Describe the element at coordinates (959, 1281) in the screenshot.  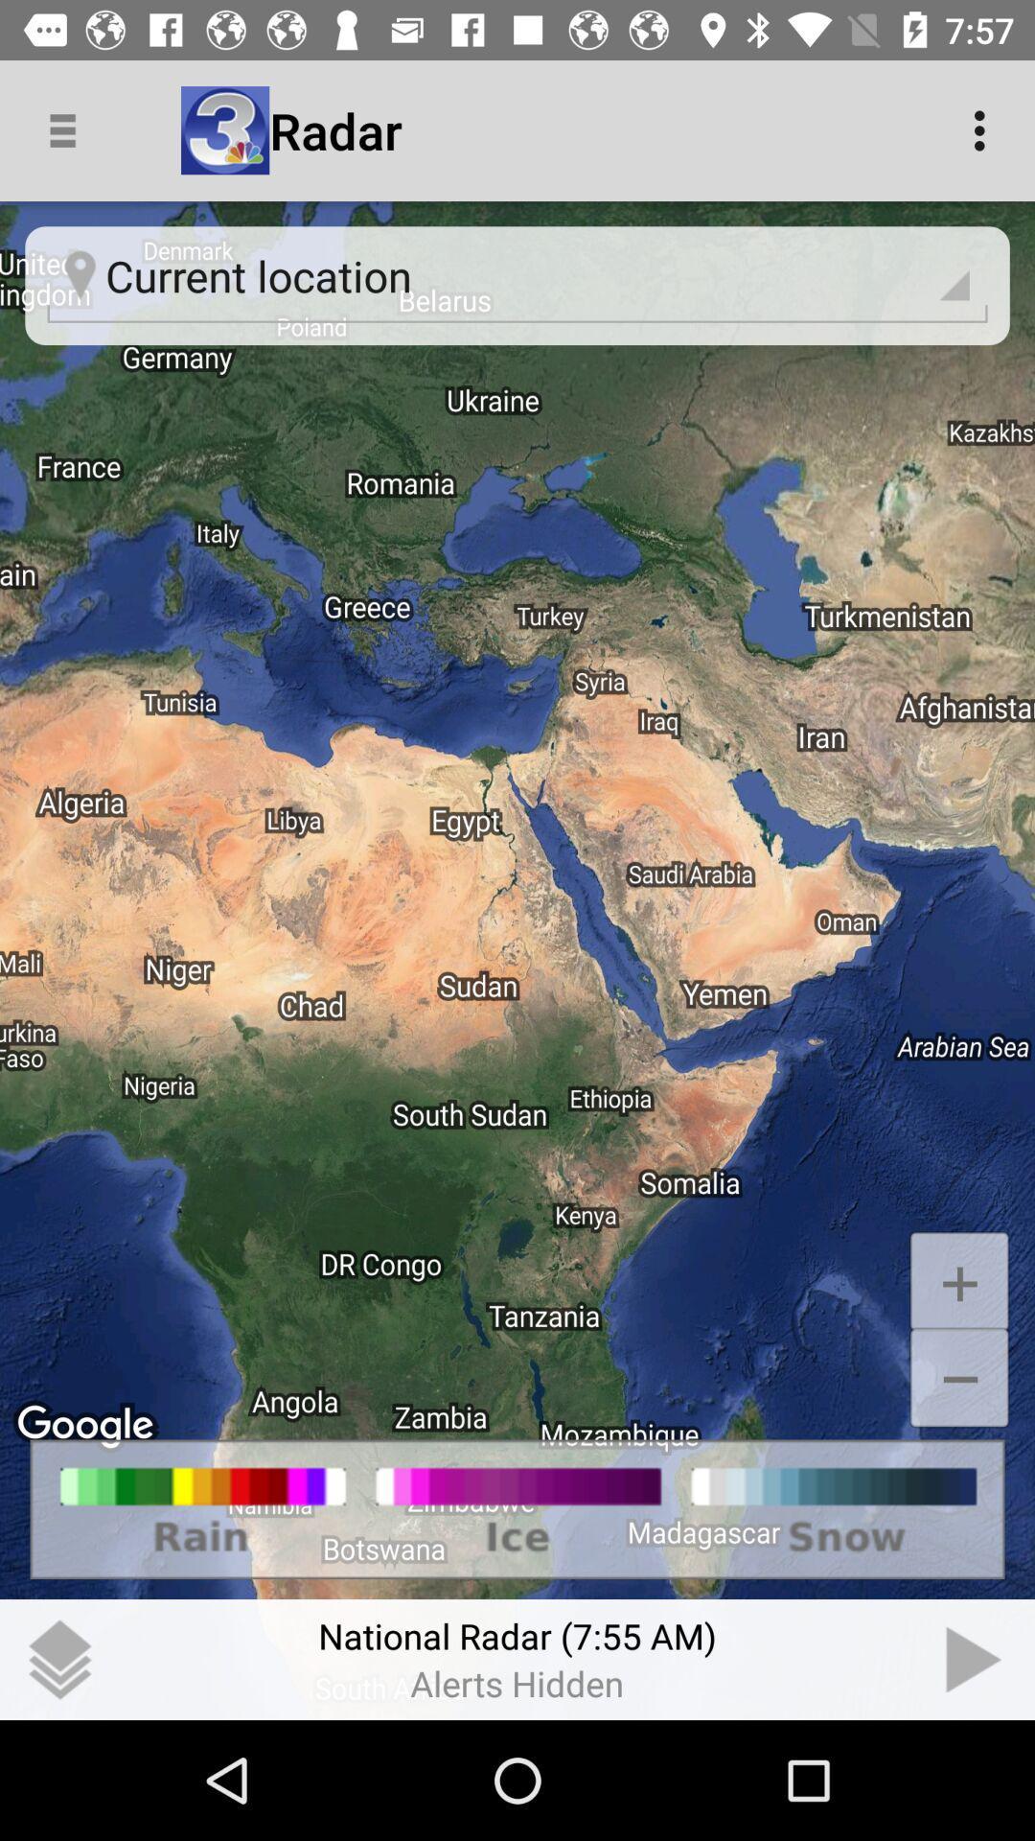
I see `+ icon` at that location.